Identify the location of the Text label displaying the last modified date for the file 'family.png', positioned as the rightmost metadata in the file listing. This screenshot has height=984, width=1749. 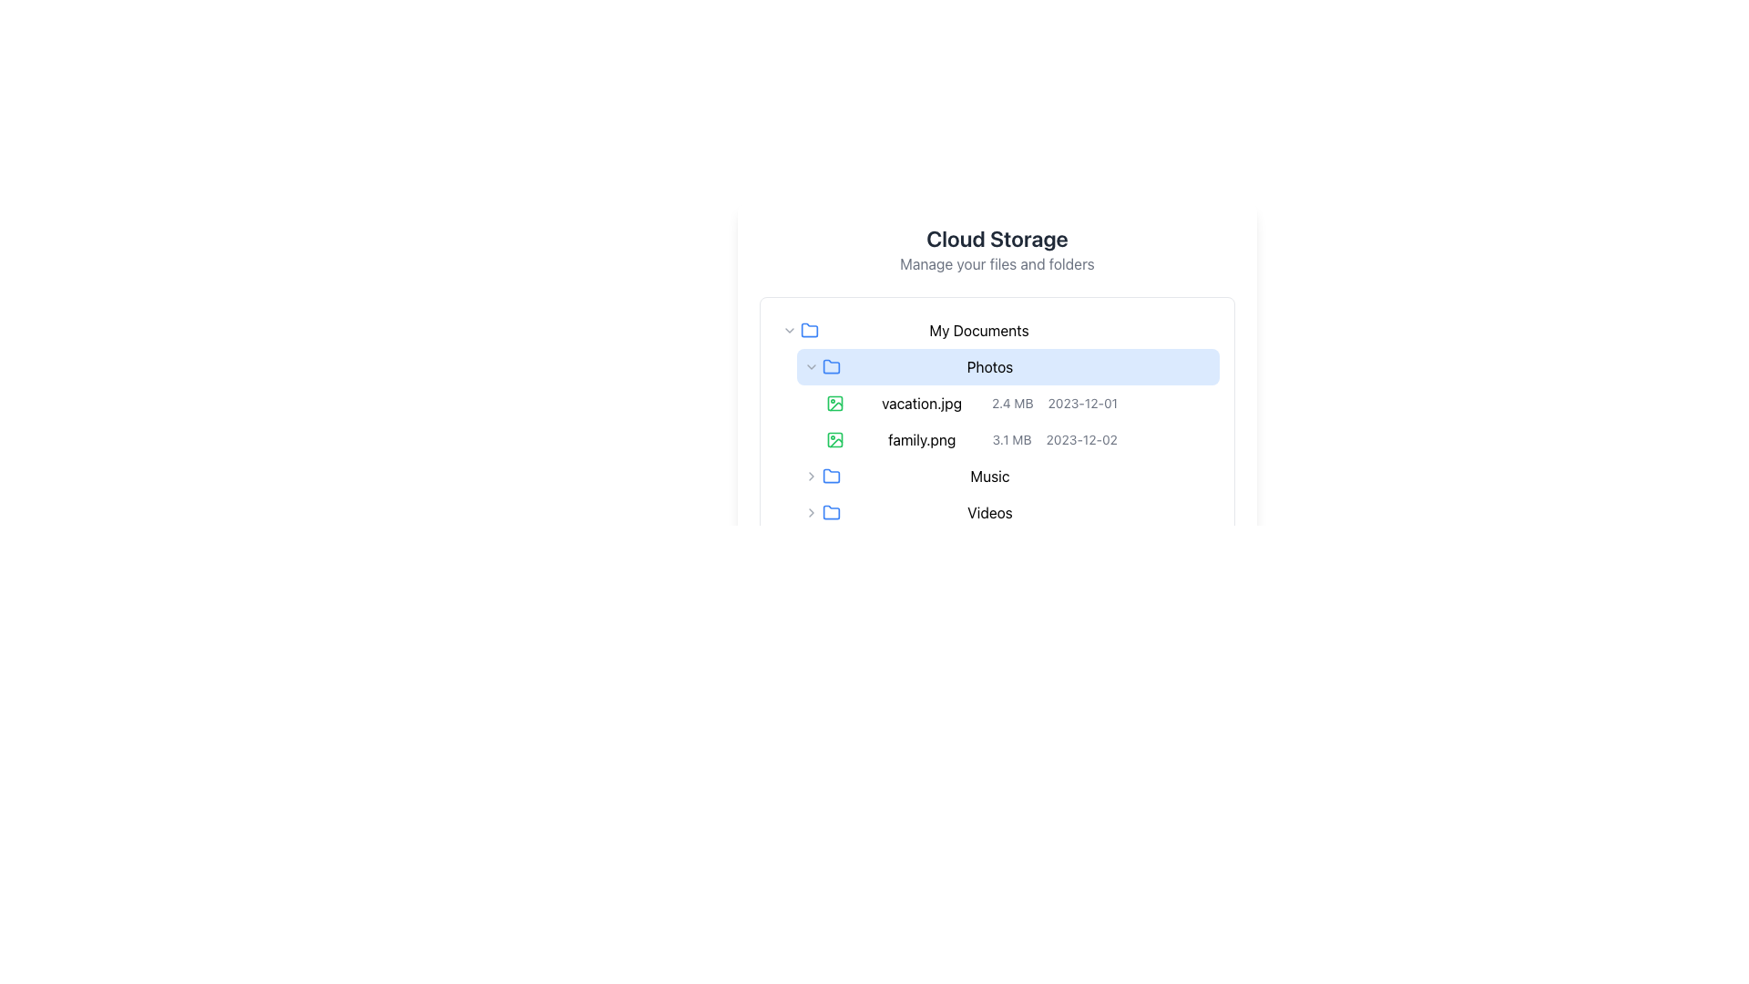
(1081, 439).